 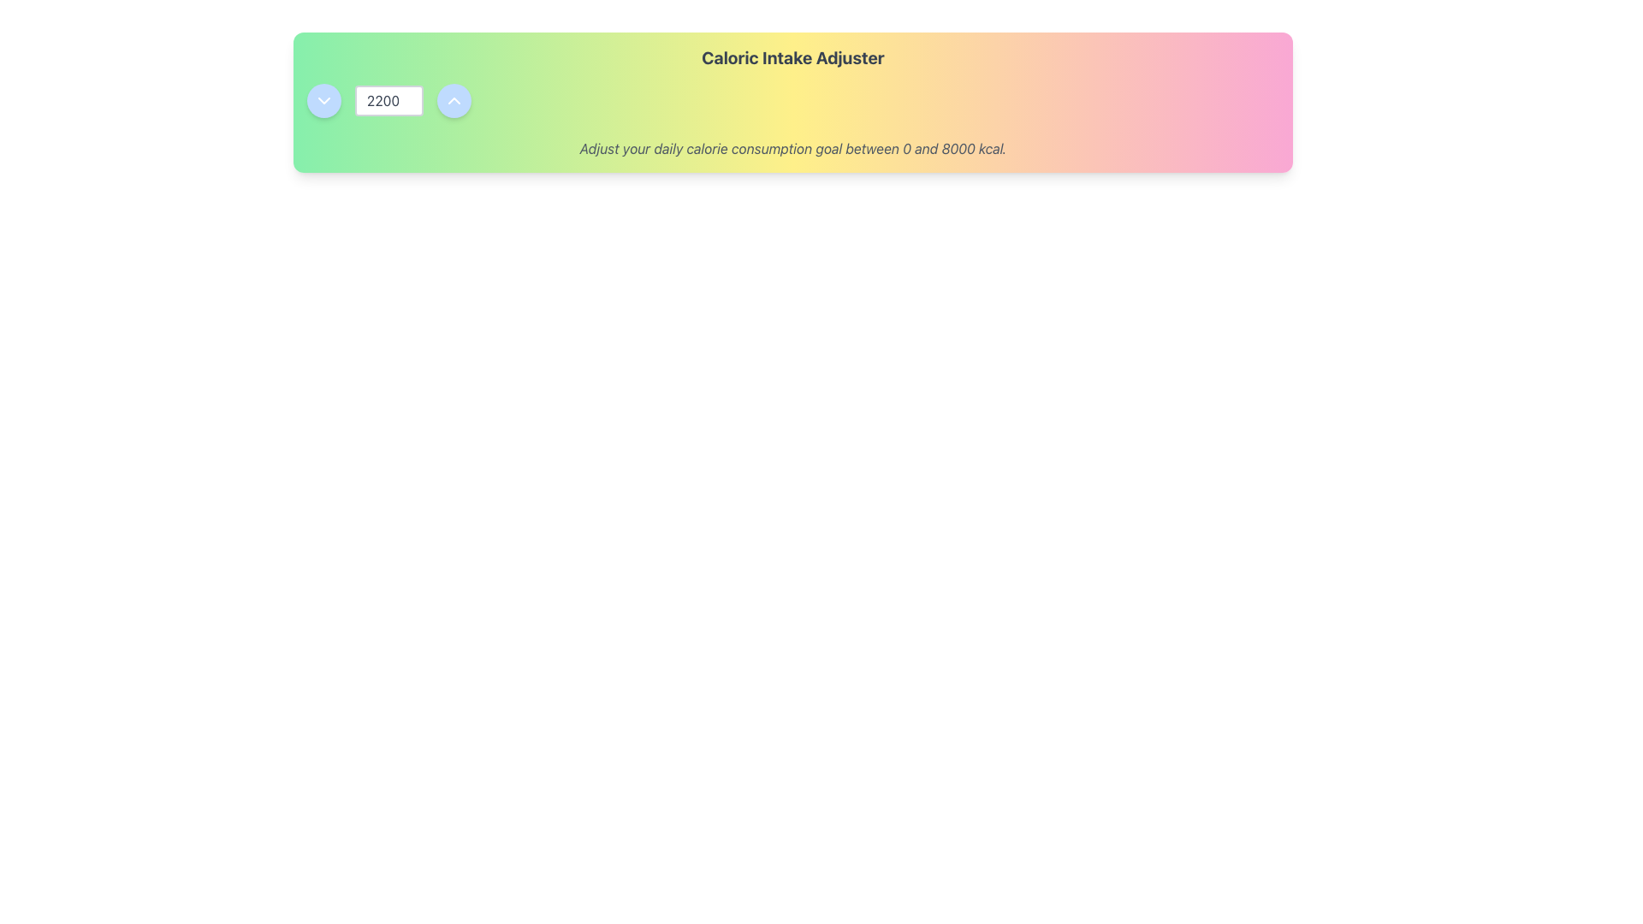 What do you see at coordinates (389, 101) in the screenshot?
I see `the numeric input field with the light gray border and background that contains the value '2200'` at bounding box center [389, 101].